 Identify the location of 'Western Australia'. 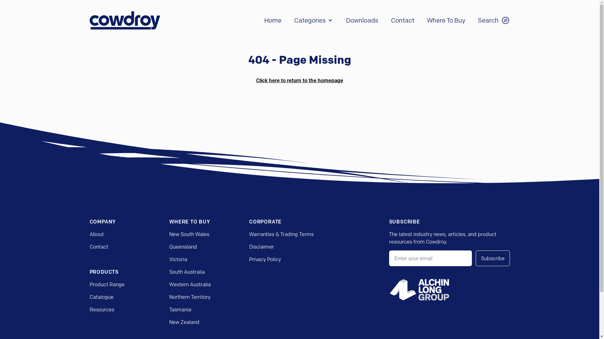
(190, 284).